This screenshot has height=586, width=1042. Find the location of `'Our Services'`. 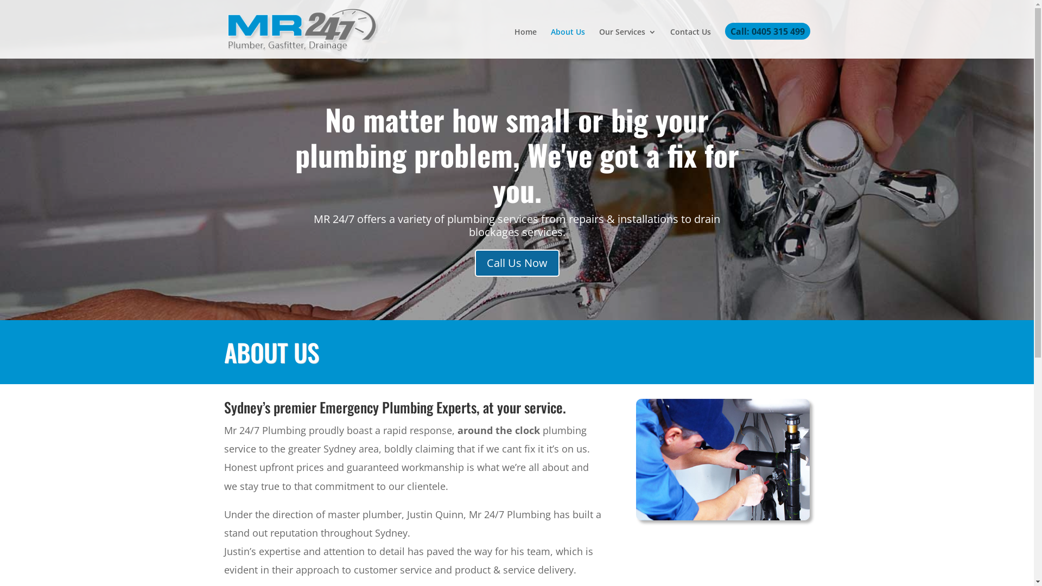

'Our Services' is located at coordinates (599, 43).